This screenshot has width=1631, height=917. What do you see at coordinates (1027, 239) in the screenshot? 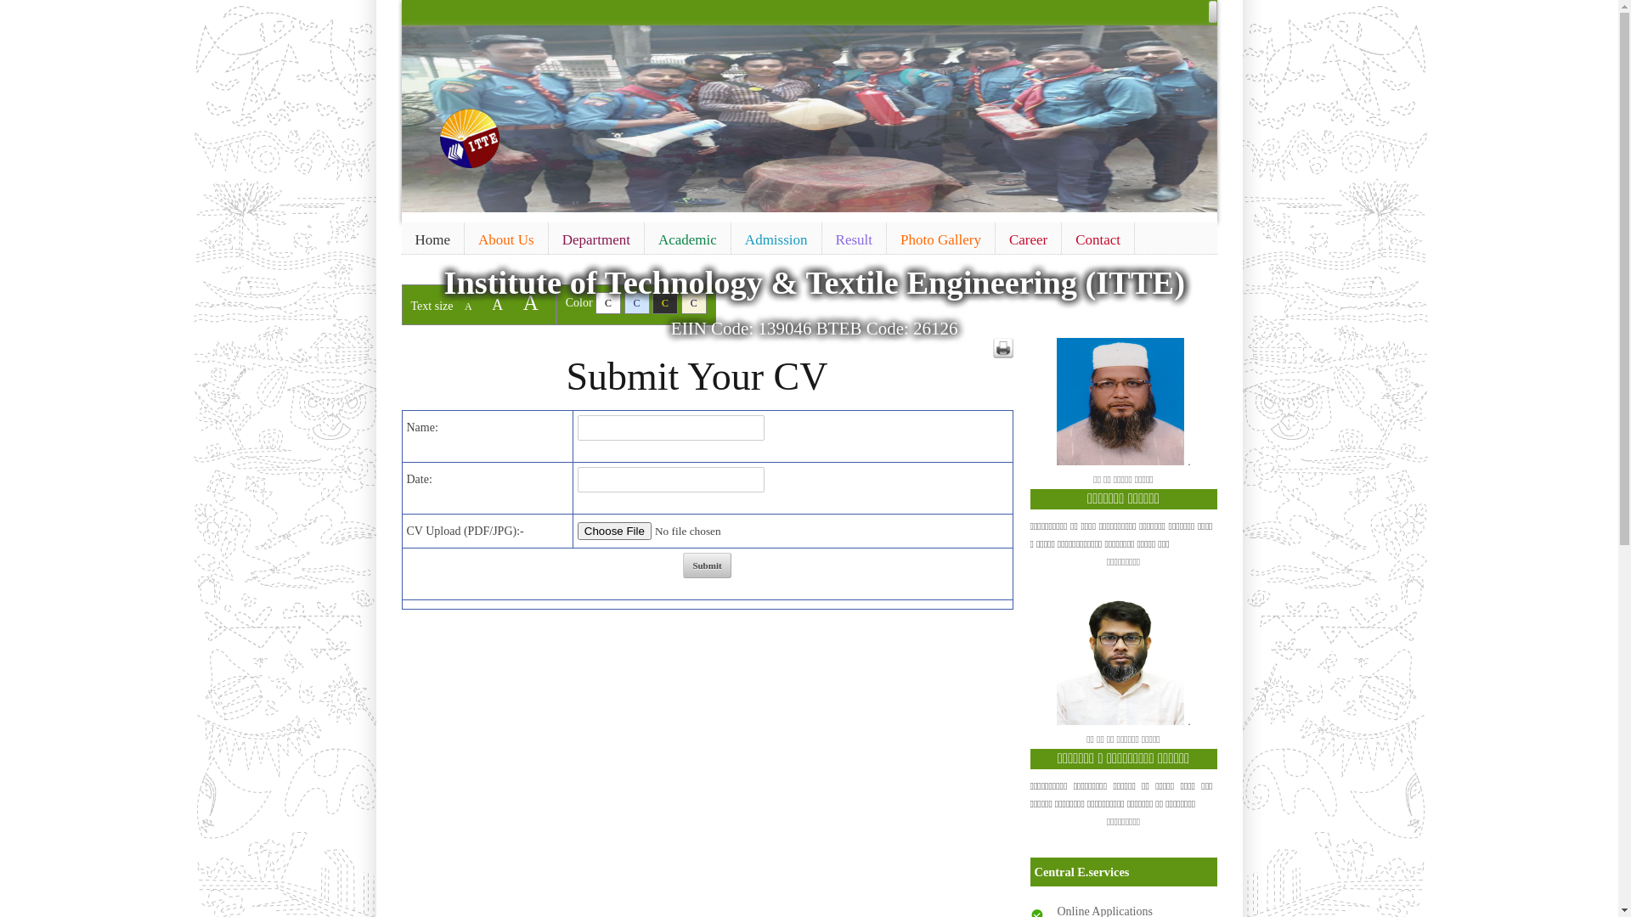
I see `'Career'` at bounding box center [1027, 239].